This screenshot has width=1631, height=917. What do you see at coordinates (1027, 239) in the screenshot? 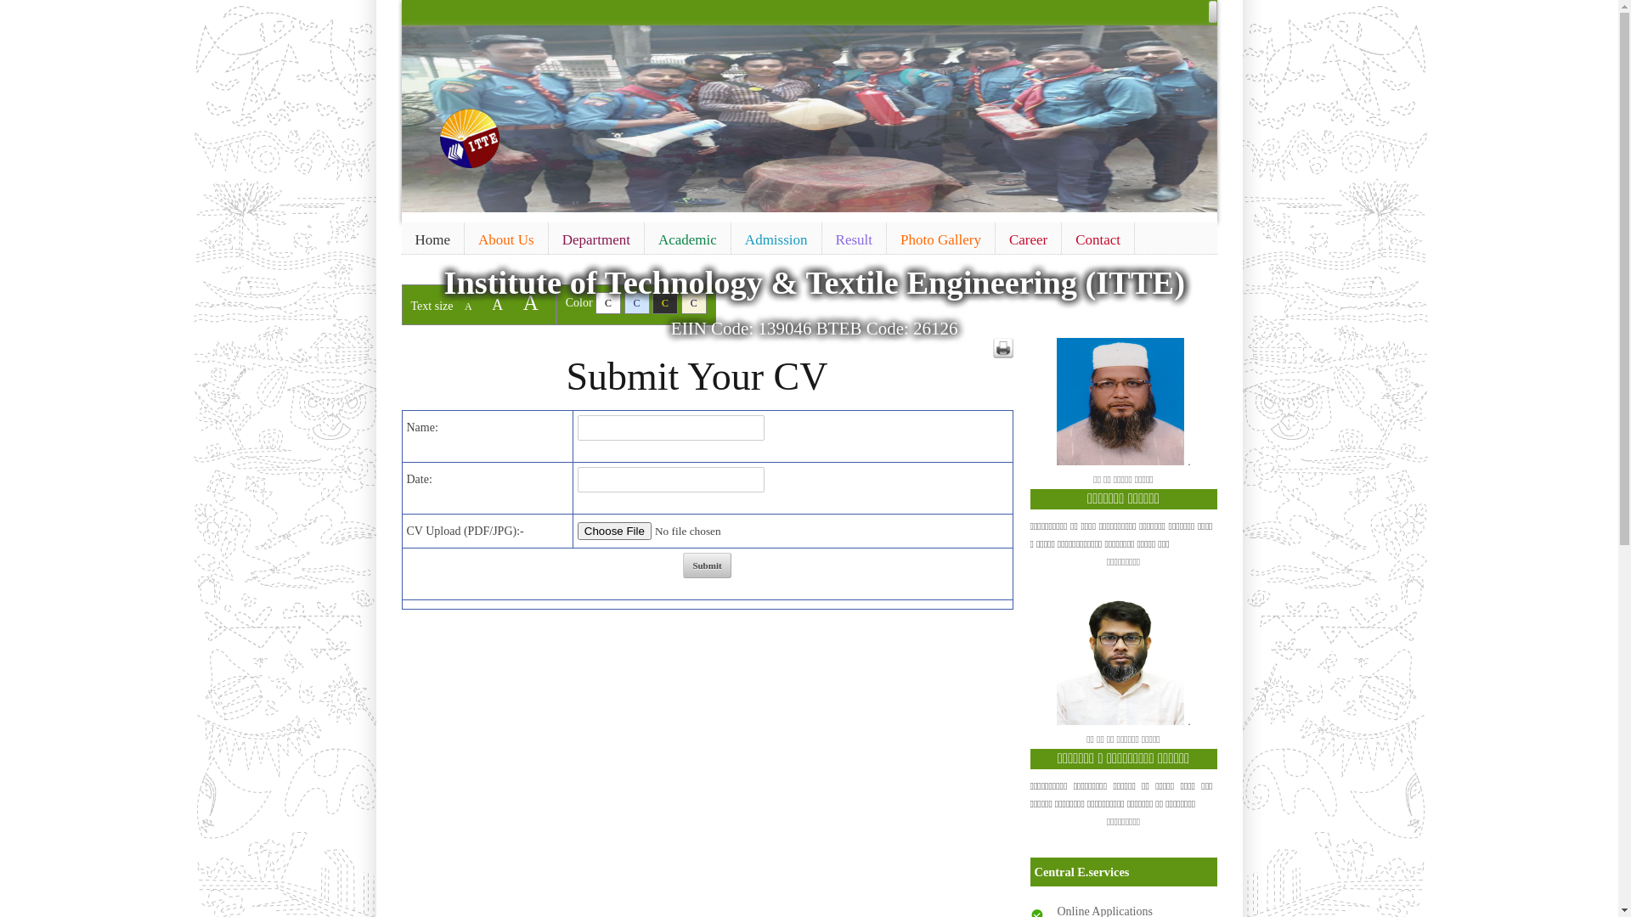
I see `'Career'` at bounding box center [1027, 239].